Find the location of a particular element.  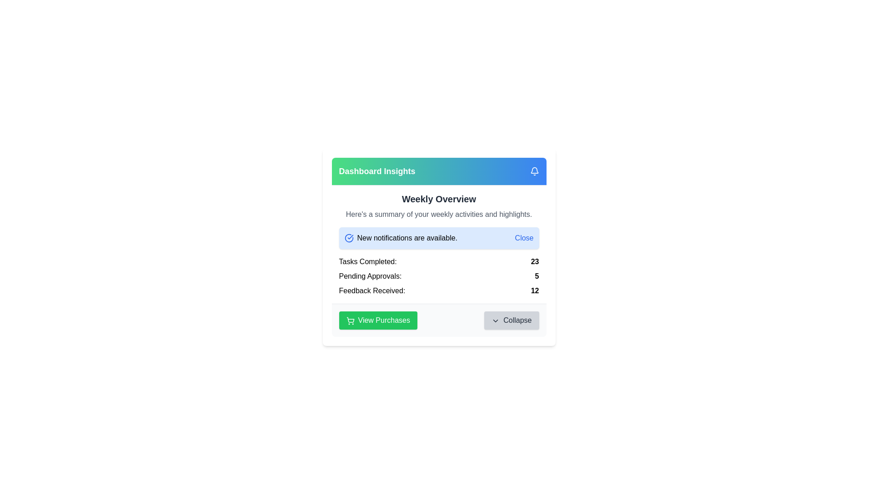

the Text label that notifies the user about new notifications, located below the 'Weekly Overview' header and to the right of the blue checkmark icon is located at coordinates (406, 238).